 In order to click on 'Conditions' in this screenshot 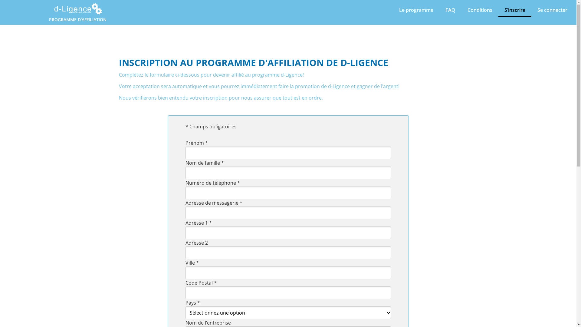, I will do `click(479, 10)`.